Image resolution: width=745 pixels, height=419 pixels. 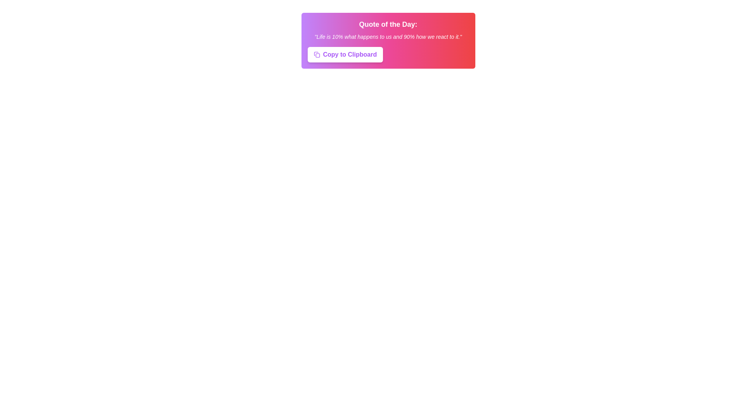 What do you see at coordinates (388, 37) in the screenshot?
I see `the motivational quote display text located below the title 'Quote of the Day:' and above the 'Copy to Clipboard' button` at bounding box center [388, 37].